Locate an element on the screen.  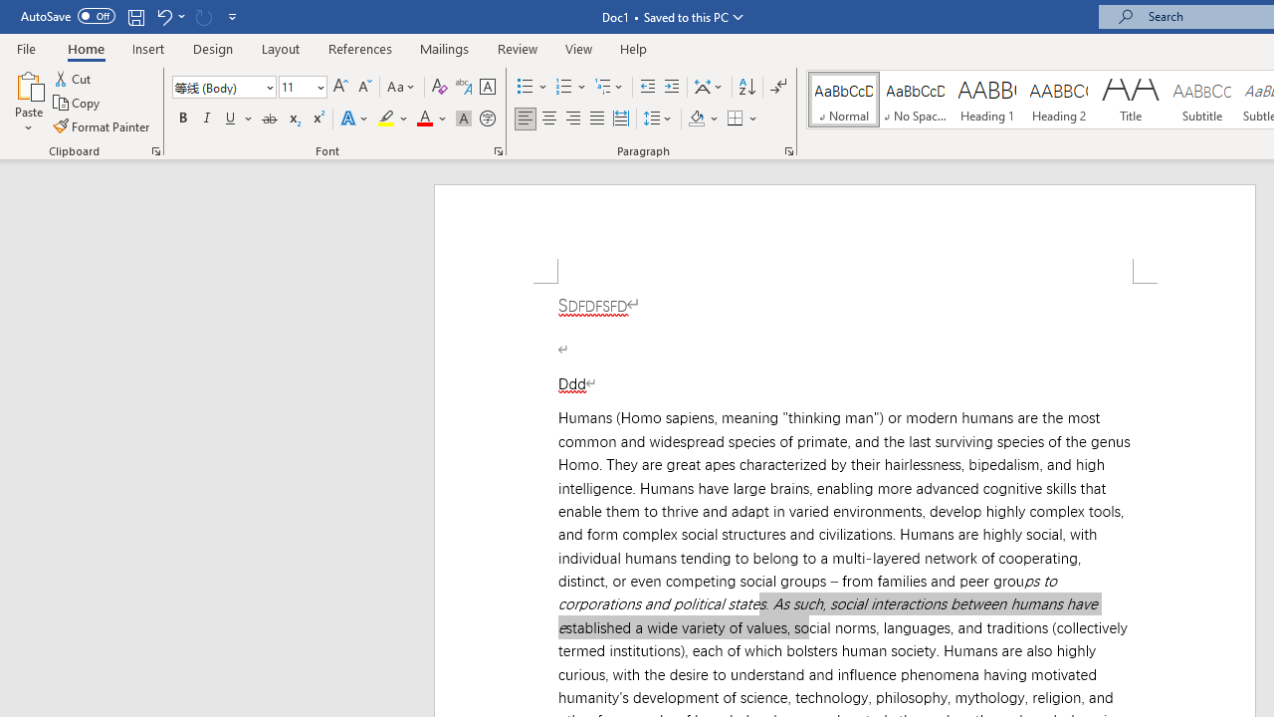
'Grow Font' is located at coordinates (340, 86).